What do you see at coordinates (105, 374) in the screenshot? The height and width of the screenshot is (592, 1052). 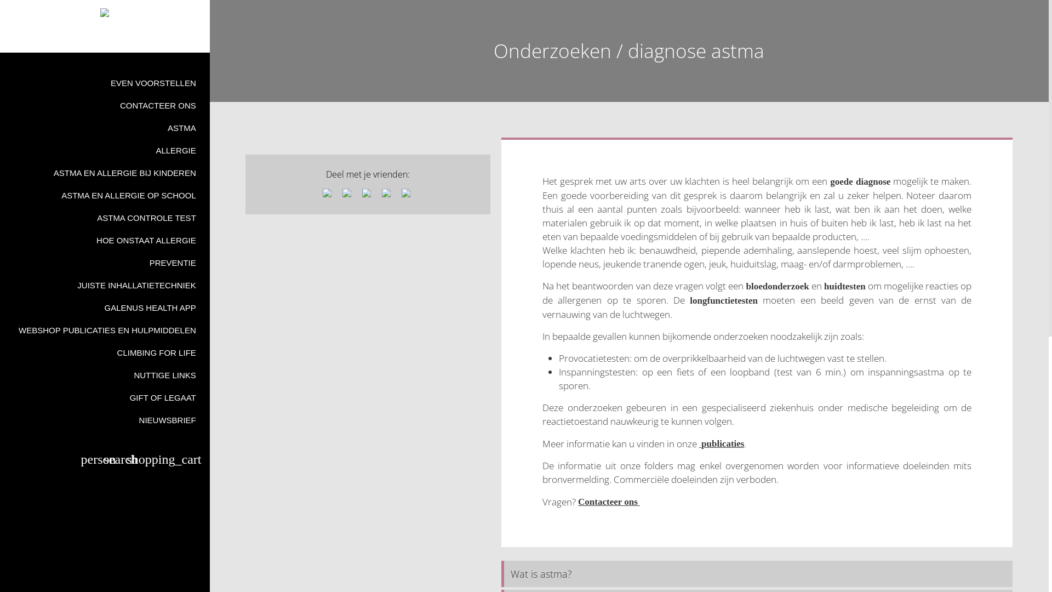 I see `'NUTTIGE LINKS'` at bounding box center [105, 374].